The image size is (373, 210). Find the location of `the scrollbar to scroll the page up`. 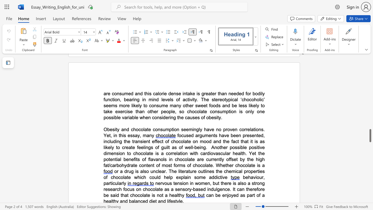

the scrollbar to scroll the page up is located at coordinates (370, 87).